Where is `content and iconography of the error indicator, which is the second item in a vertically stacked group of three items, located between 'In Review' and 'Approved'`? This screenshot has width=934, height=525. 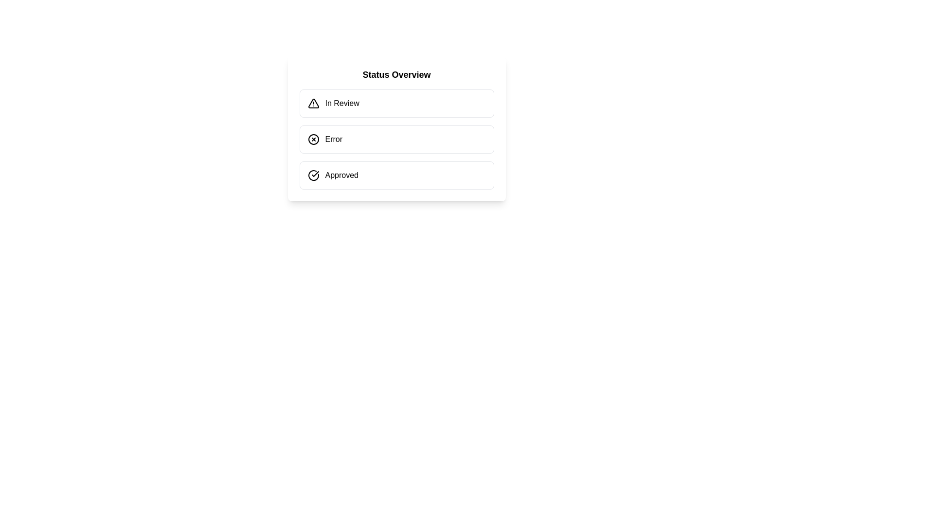
content and iconography of the error indicator, which is the second item in a vertically stacked group of three items, located between 'In Review' and 'Approved' is located at coordinates (396, 139).